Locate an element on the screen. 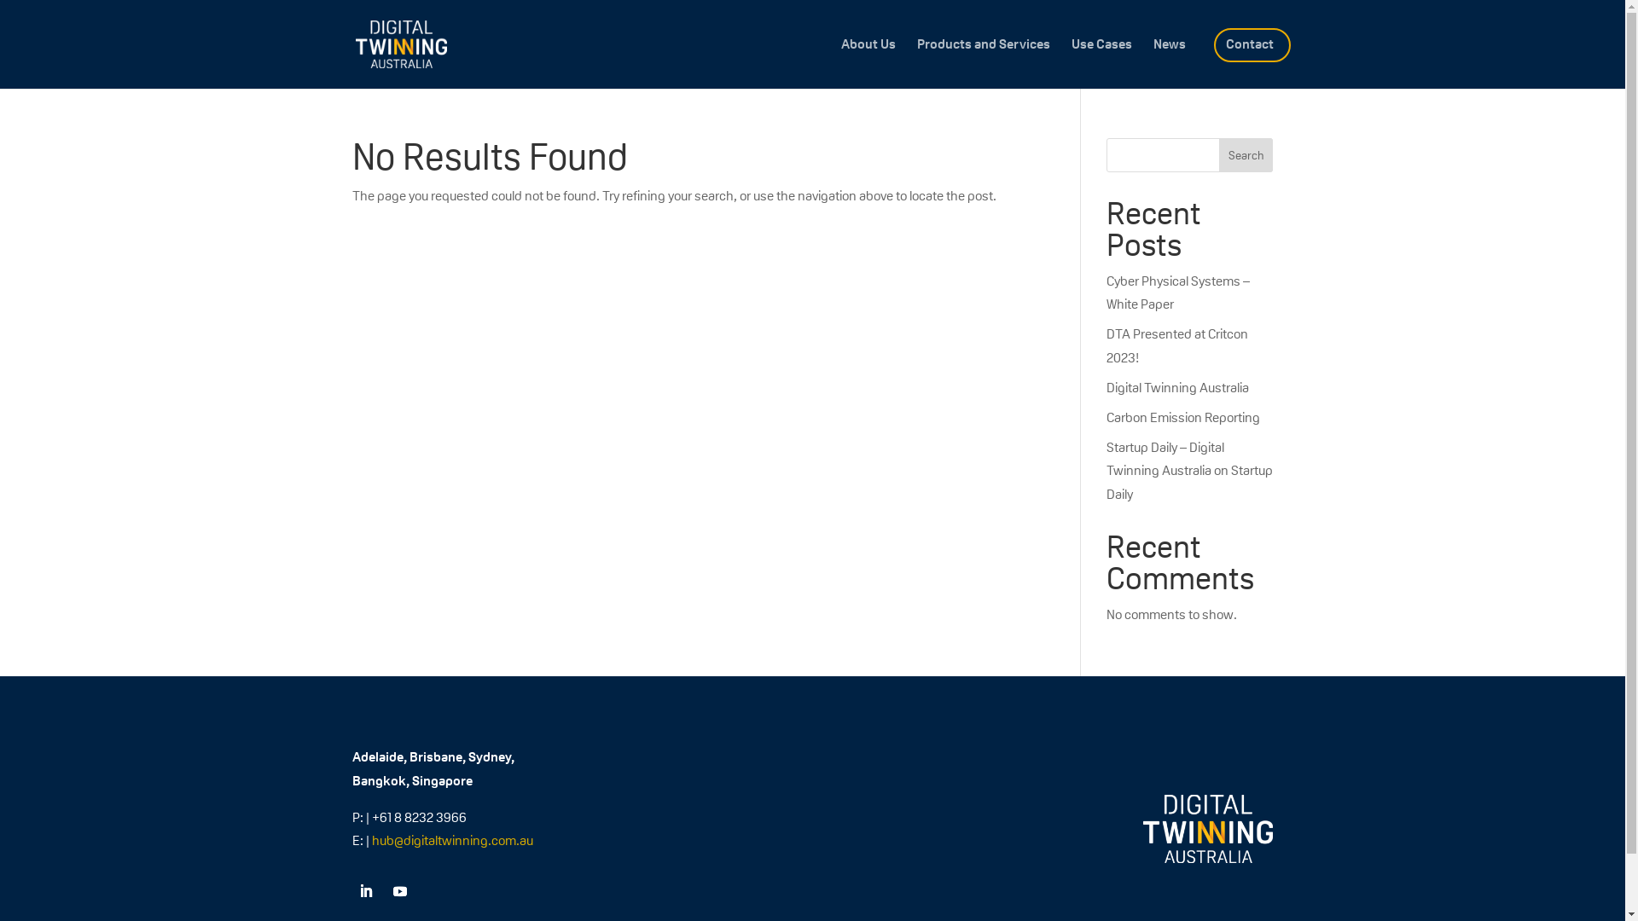 Image resolution: width=1638 pixels, height=921 pixels. 'Carbon Emission Reporting' is located at coordinates (1106, 417).